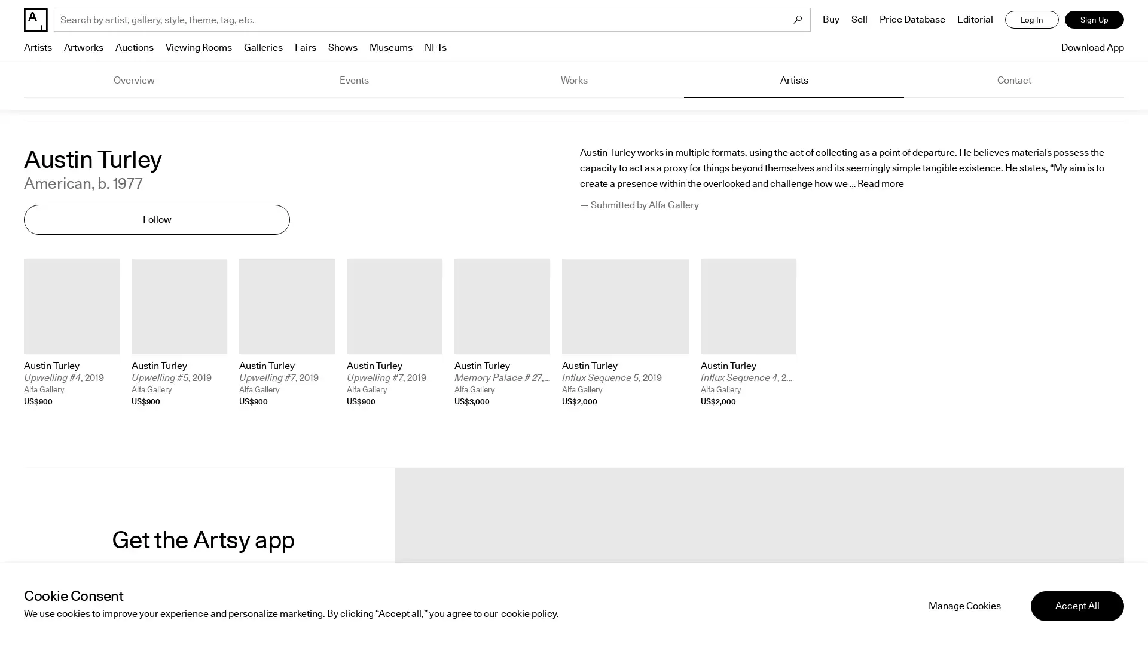 Image resolution: width=1148 pixels, height=645 pixels. What do you see at coordinates (964, 606) in the screenshot?
I see `Manage Cookies` at bounding box center [964, 606].